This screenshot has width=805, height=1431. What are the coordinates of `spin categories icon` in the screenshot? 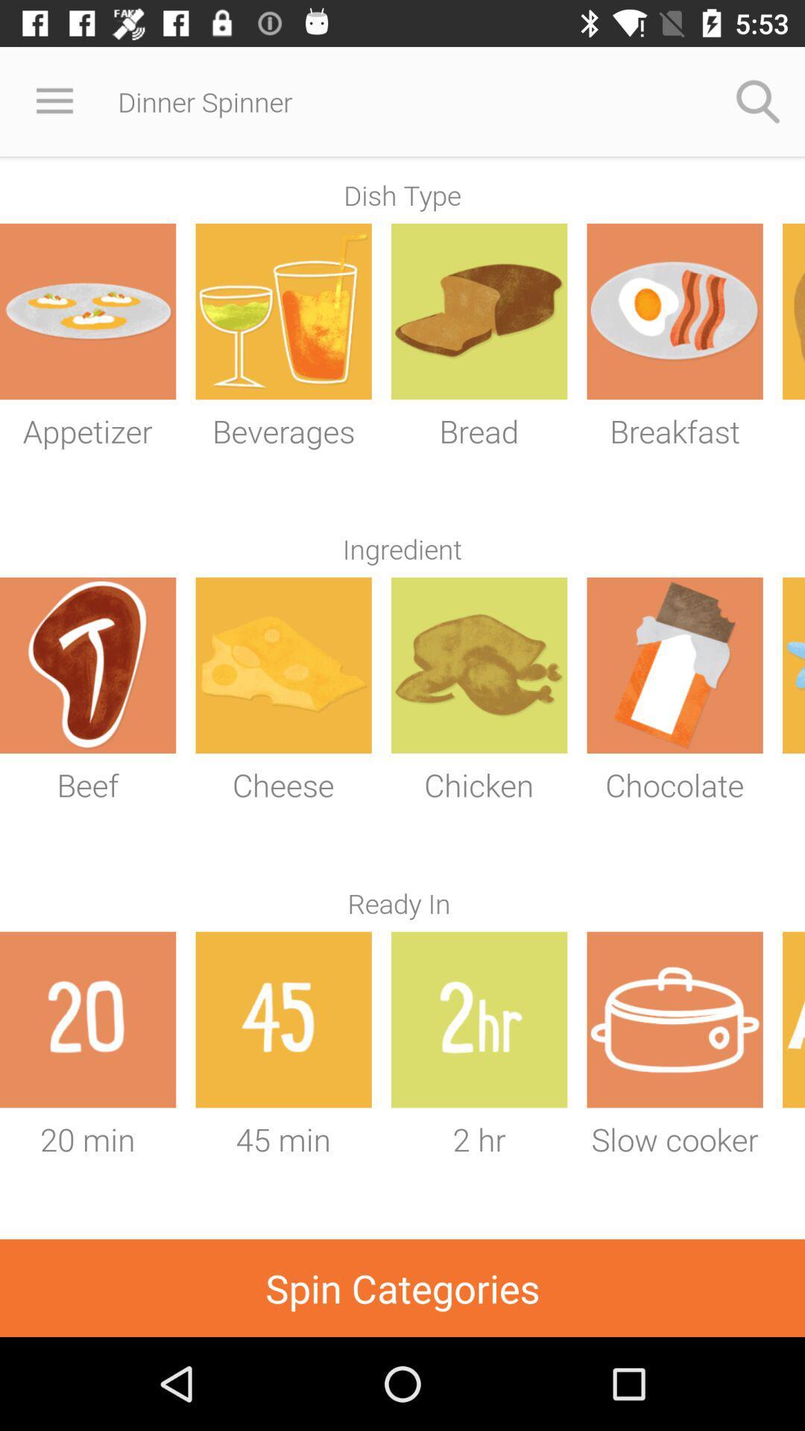 It's located at (402, 1287).